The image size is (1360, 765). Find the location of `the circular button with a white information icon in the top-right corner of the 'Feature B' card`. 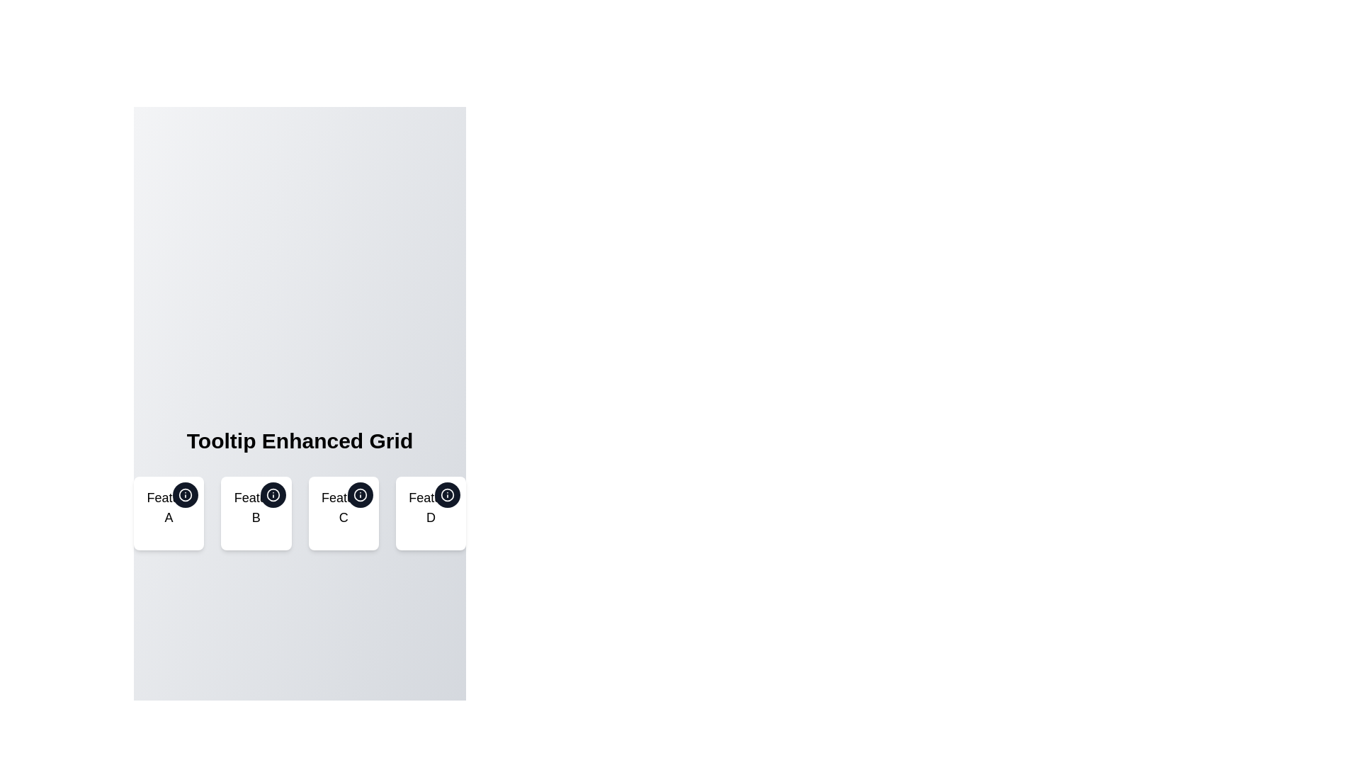

the circular button with a white information icon in the top-right corner of the 'Feature B' card is located at coordinates (273, 494).